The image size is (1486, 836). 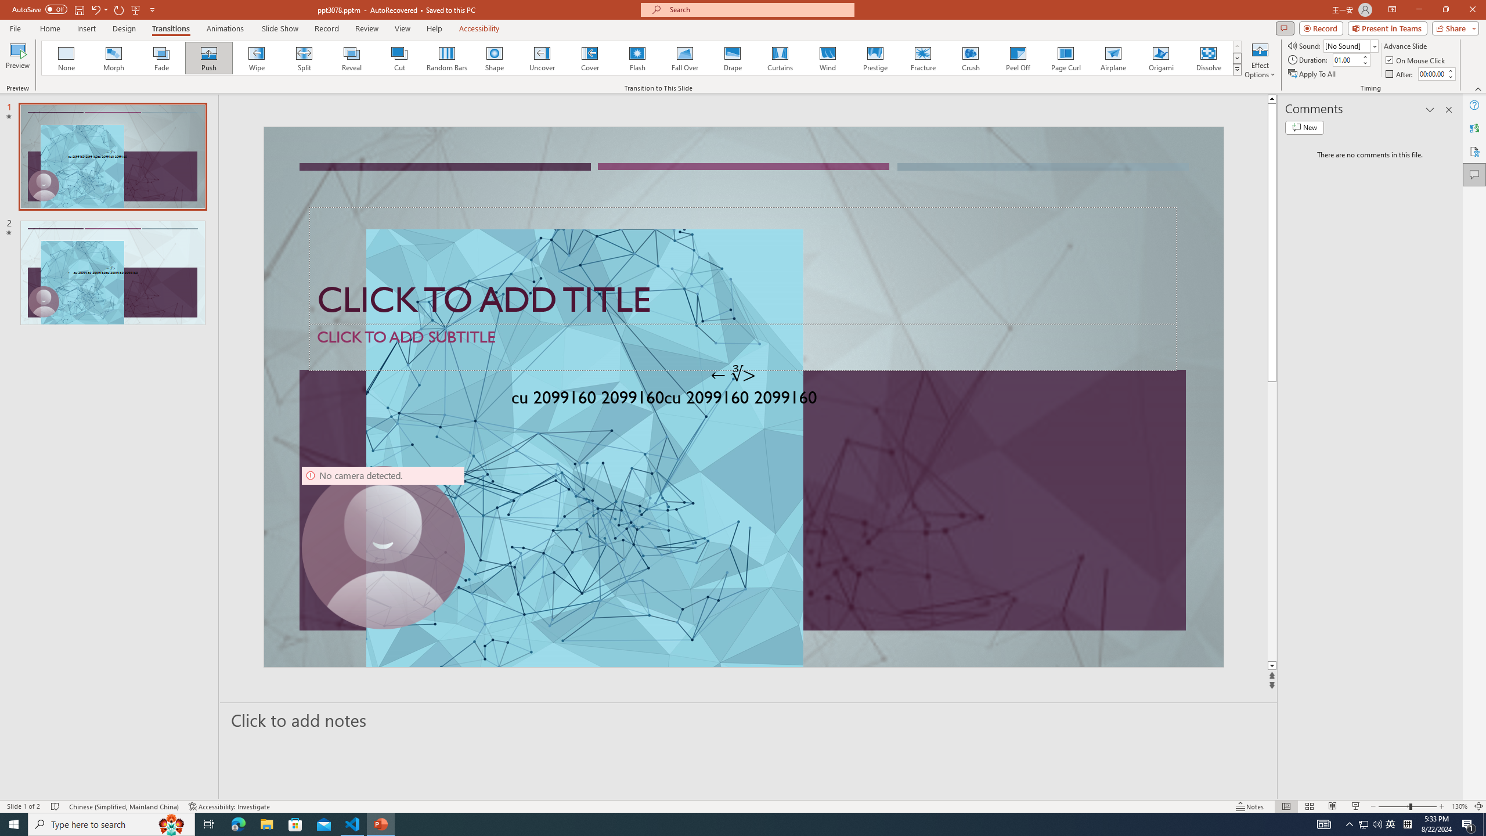 I want to click on 'Translator', so click(x=1474, y=128).